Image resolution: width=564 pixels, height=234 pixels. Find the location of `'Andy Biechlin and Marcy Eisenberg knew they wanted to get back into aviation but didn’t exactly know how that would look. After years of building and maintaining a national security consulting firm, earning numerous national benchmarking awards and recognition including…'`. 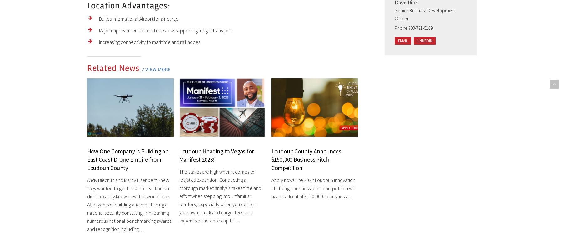

'Andy Biechlin and Marcy Eisenberg knew they wanted to get back into aviation but didn’t exactly know how that would look. After years of building and maintaining a national security consulting firm, earning numerous national benchmarking awards and recognition including…' is located at coordinates (129, 204).